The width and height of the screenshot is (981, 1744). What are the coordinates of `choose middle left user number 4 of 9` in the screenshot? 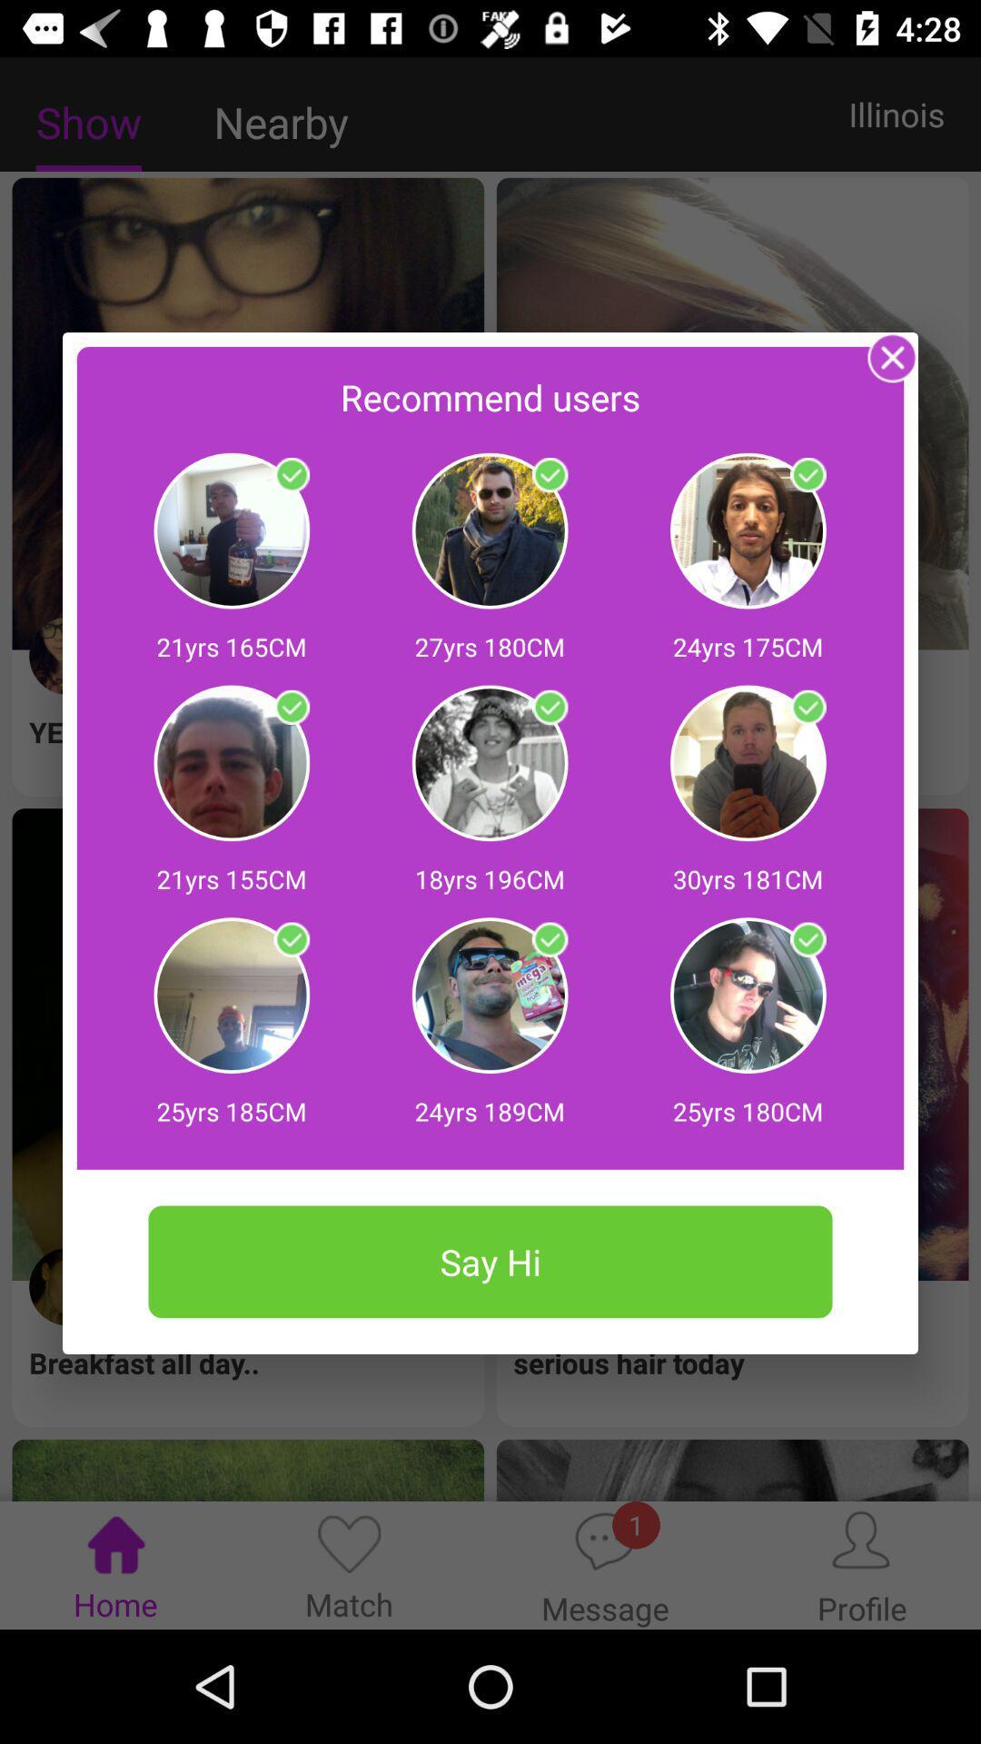 It's located at (291, 707).